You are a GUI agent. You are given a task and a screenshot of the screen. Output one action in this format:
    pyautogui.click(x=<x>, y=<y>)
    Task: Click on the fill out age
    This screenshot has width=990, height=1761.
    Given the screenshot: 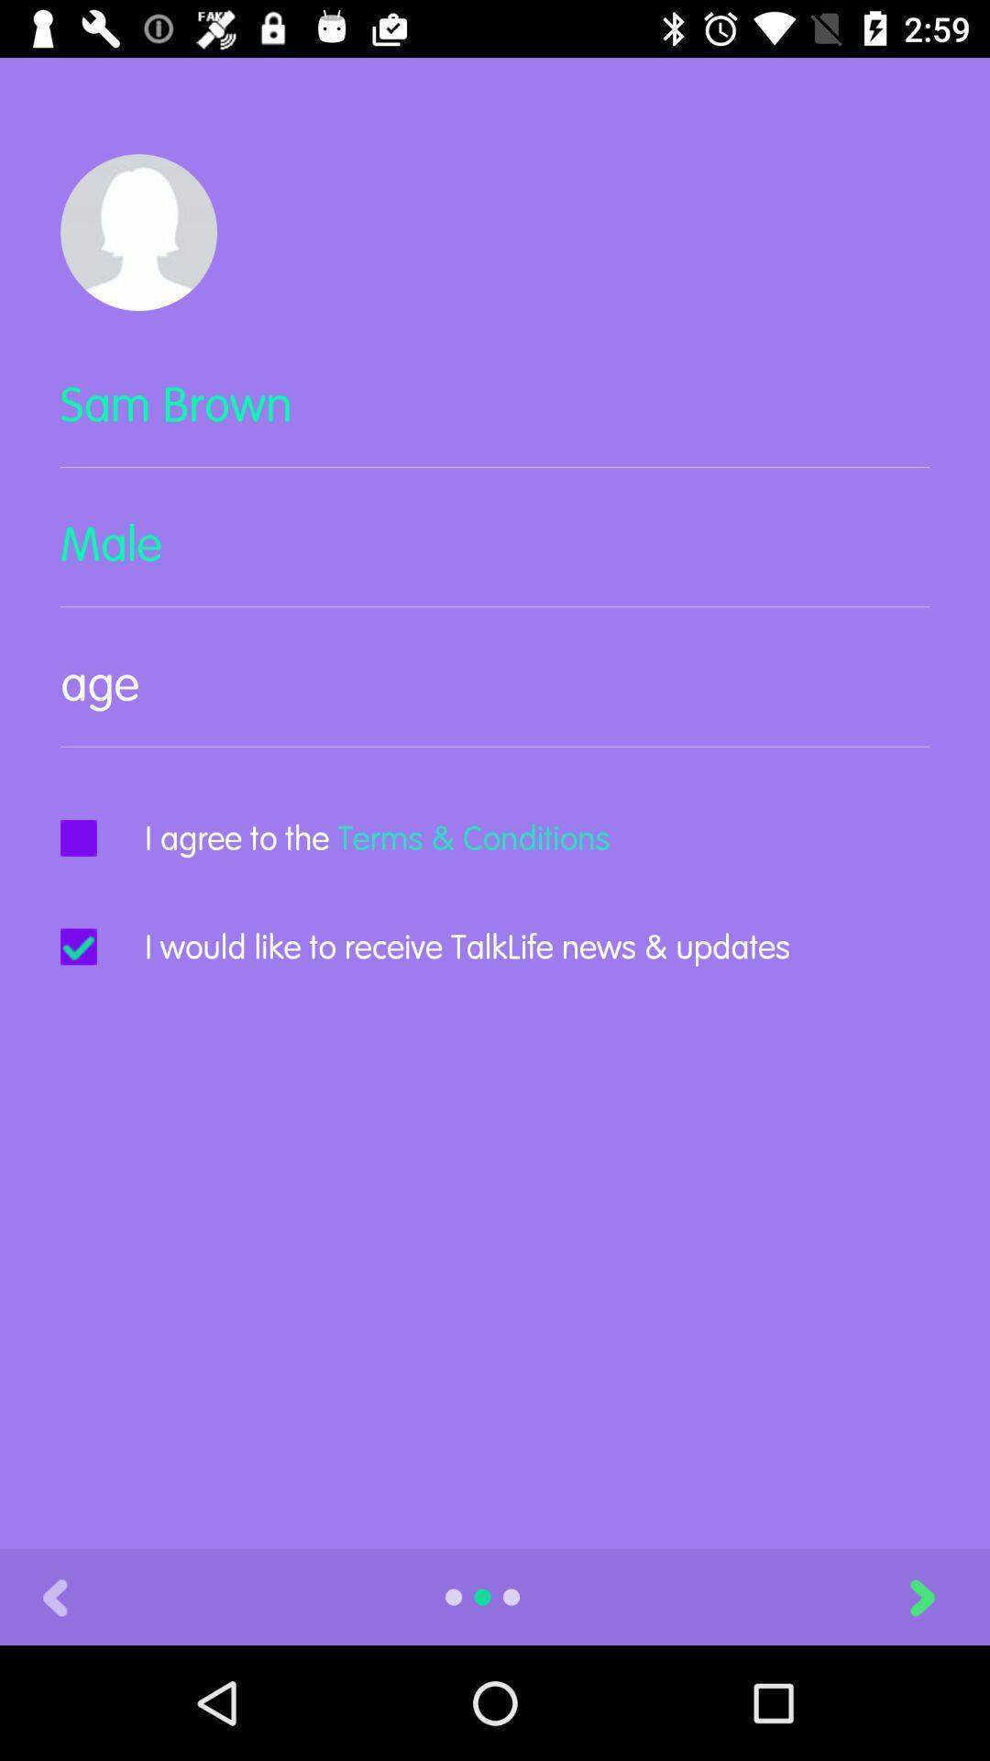 What is the action you would take?
    pyautogui.click(x=495, y=698)
    